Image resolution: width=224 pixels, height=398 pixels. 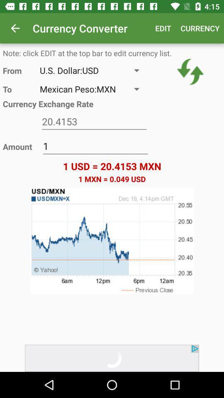 What do you see at coordinates (190, 71) in the screenshot?
I see `the item next to the note click edit item` at bounding box center [190, 71].